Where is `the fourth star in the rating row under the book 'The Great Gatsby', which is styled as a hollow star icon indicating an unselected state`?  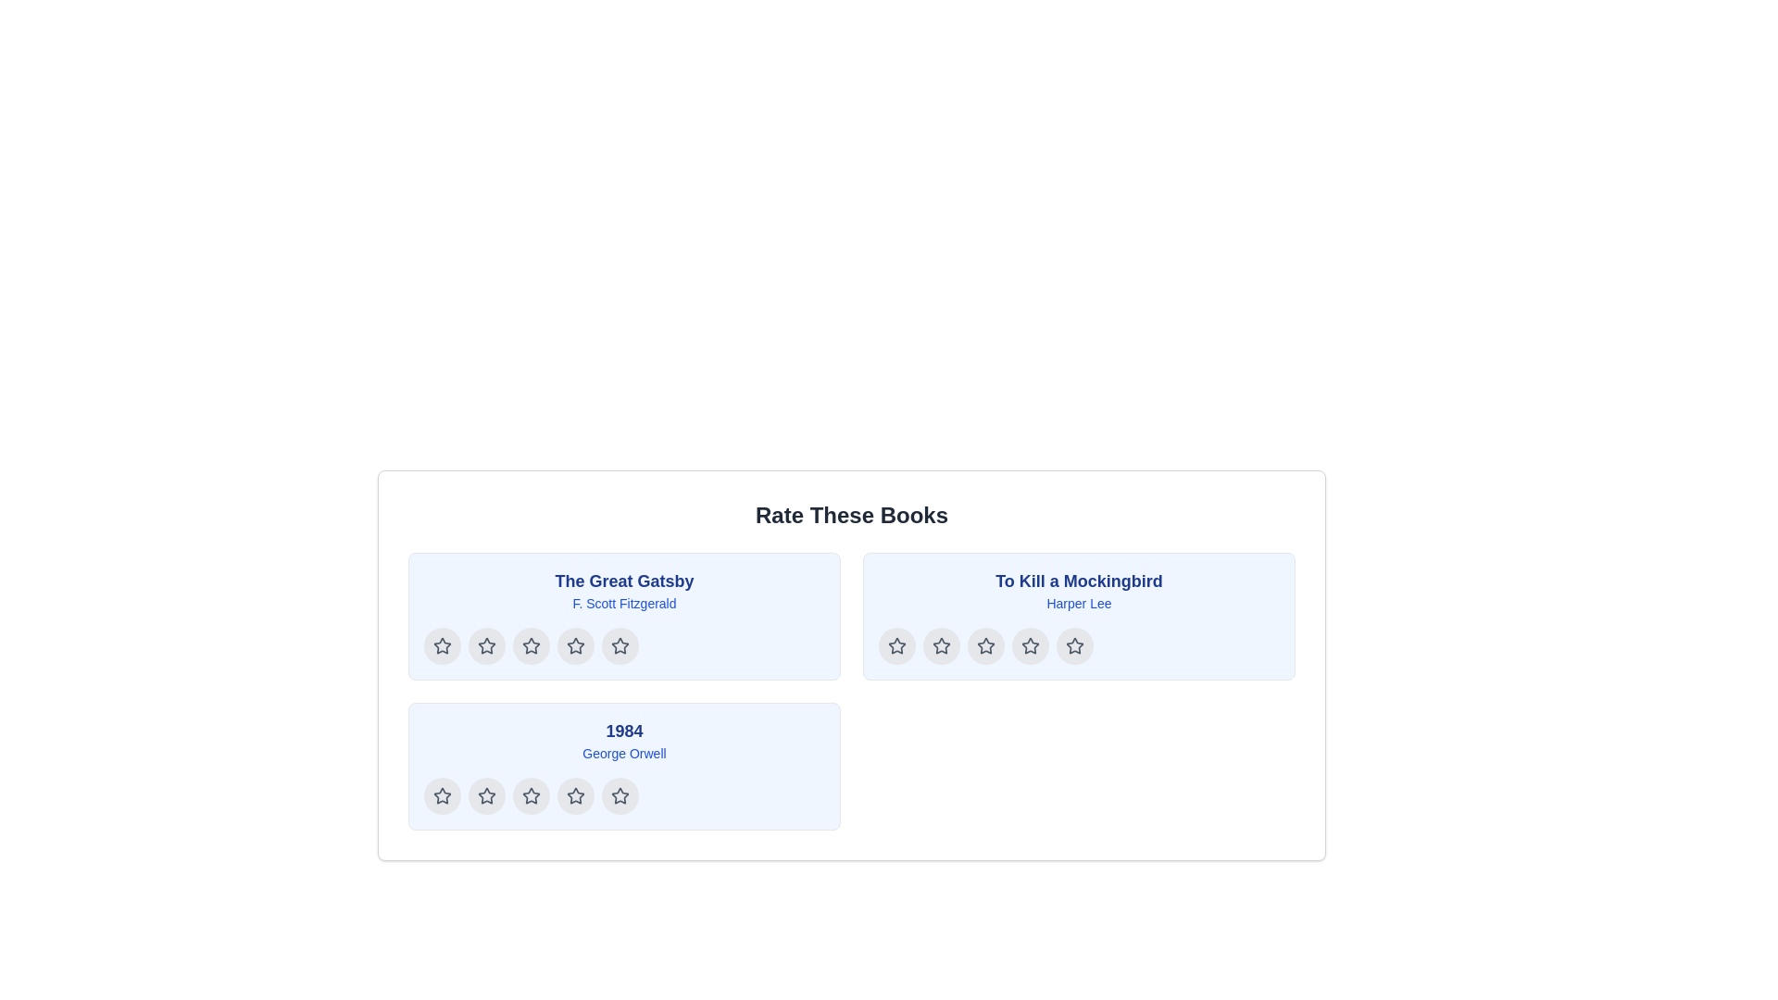 the fourth star in the rating row under the book 'The Great Gatsby', which is styled as a hollow star icon indicating an unselected state is located at coordinates (620, 644).